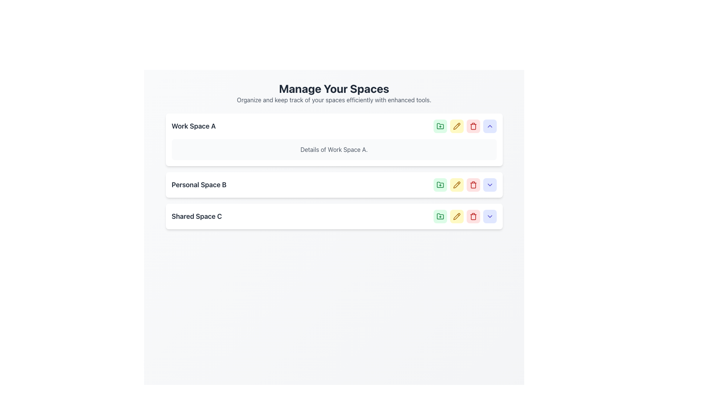 This screenshot has width=722, height=406. I want to click on the upward arrow icon in the third interactive button on the far right of the top row in the 'Work Space A' section, so click(490, 126).